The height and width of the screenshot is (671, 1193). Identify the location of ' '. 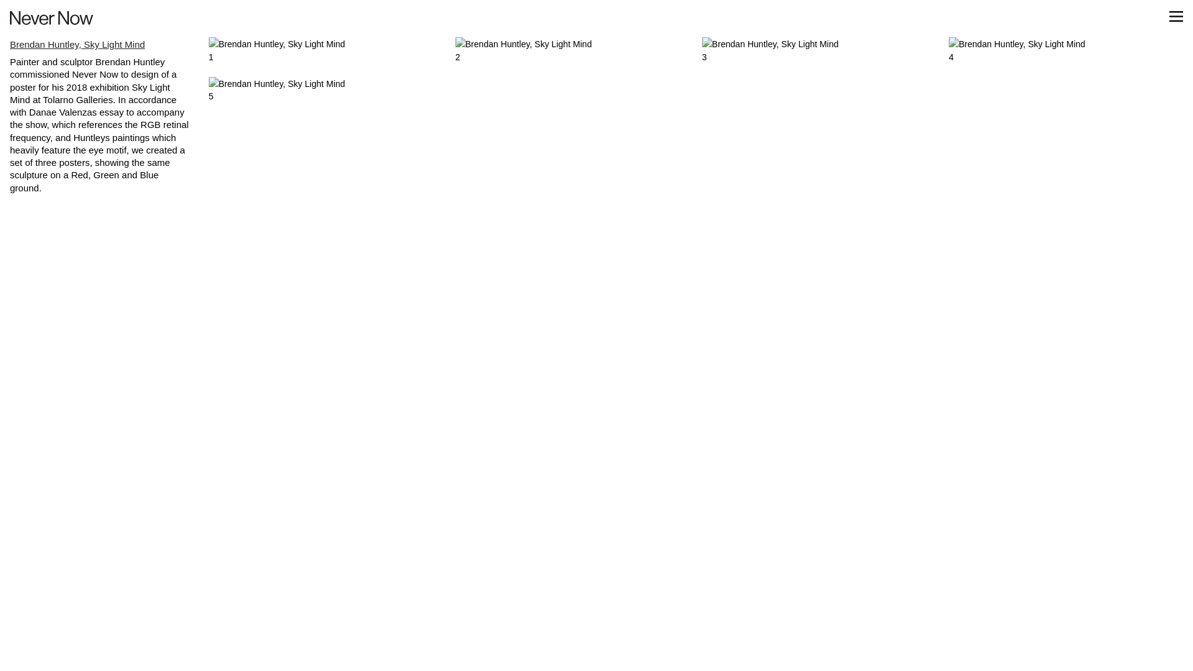
(1175, 17).